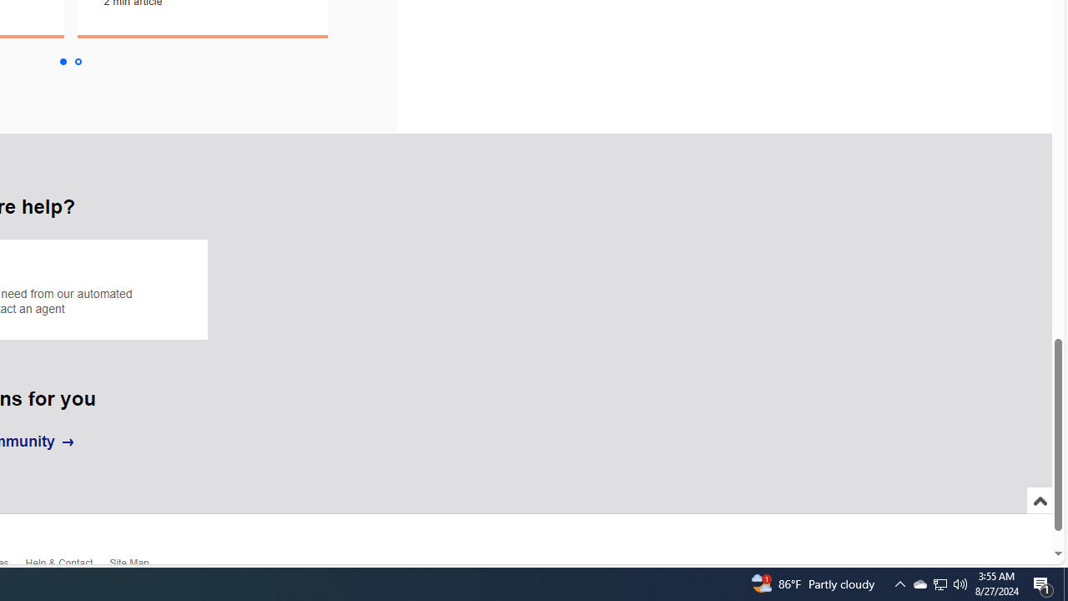  Describe the element at coordinates (1039, 518) in the screenshot. I see `'Scroll to top'` at that location.